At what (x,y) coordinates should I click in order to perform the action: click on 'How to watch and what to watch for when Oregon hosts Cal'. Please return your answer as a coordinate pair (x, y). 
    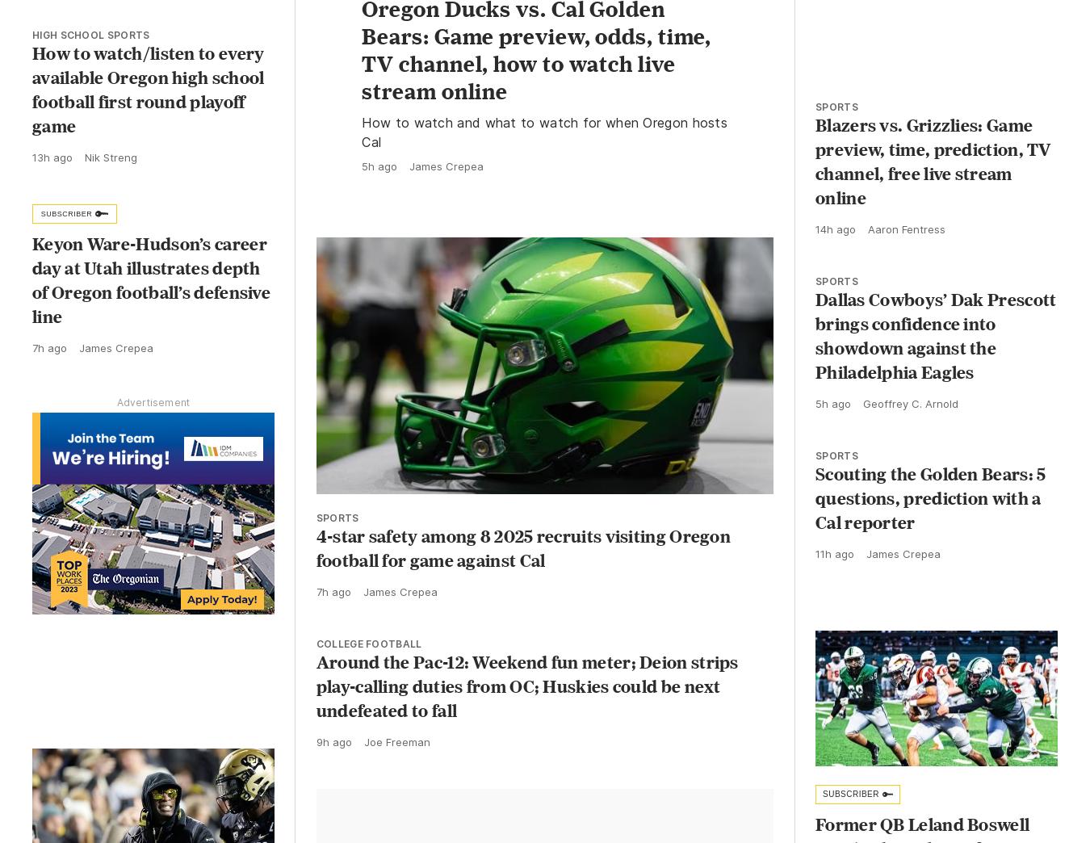
    Looking at the image, I should click on (544, 132).